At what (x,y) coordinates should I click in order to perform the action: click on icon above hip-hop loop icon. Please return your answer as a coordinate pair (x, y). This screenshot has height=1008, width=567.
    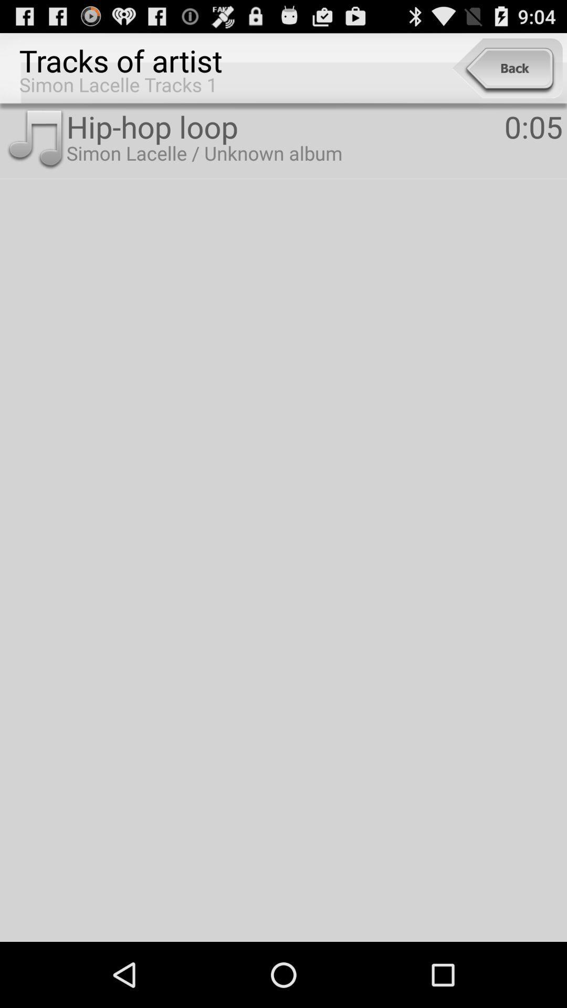
    Looking at the image, I should click on (507, 68).